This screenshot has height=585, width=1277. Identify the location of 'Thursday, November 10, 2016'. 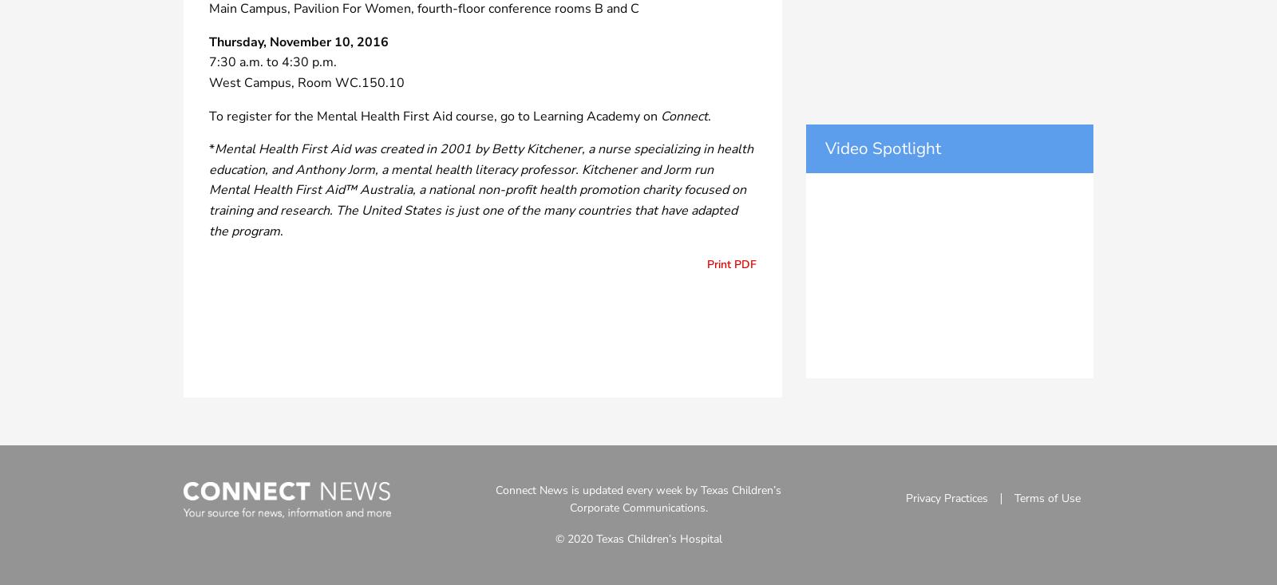
(298, 40).